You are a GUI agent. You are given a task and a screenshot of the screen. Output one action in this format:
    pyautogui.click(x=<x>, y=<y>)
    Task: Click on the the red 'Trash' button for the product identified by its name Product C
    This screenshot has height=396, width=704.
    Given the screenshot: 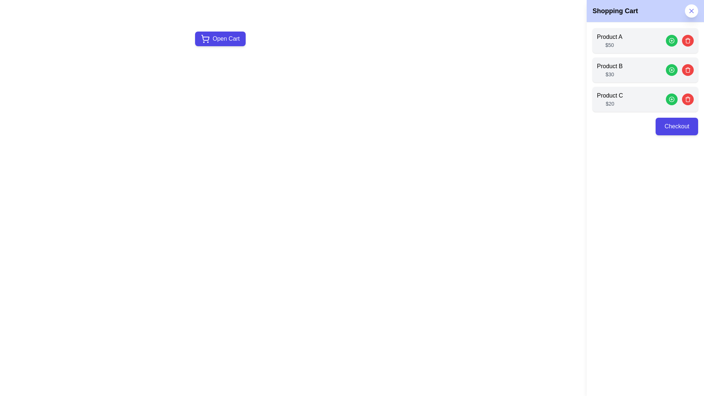 What is the action you would take?
    pyautogui.click(x=687, y=99)
    